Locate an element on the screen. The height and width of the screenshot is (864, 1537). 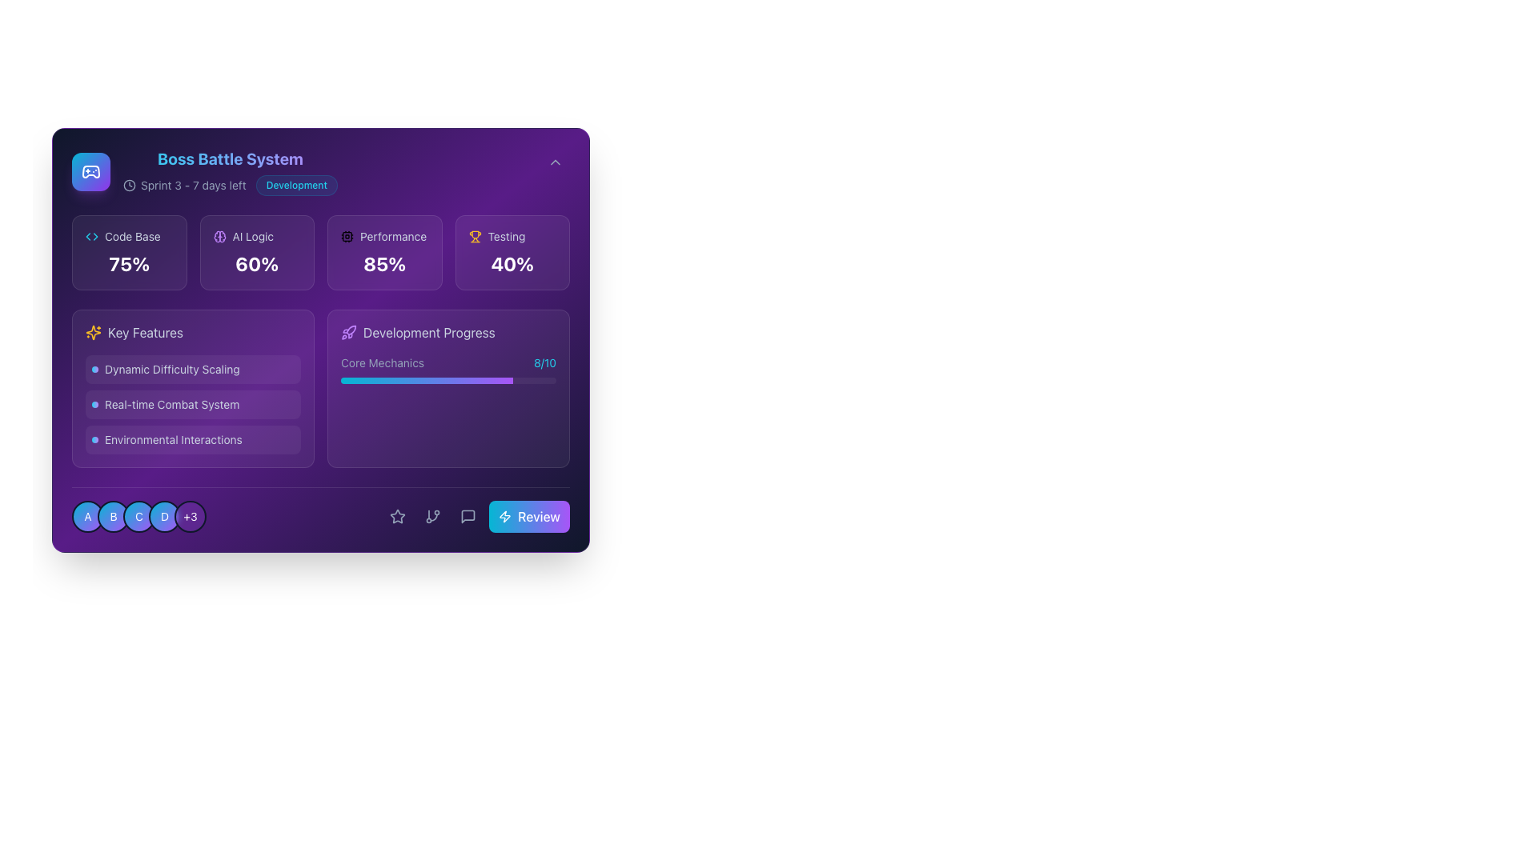
the Rating and description component that provides an assessment for 'Core Mechanics' with a score of 8 out of 10, located in the 'Development Progress' section below the 'Key Features' panel is located at coordinates (448, 363).